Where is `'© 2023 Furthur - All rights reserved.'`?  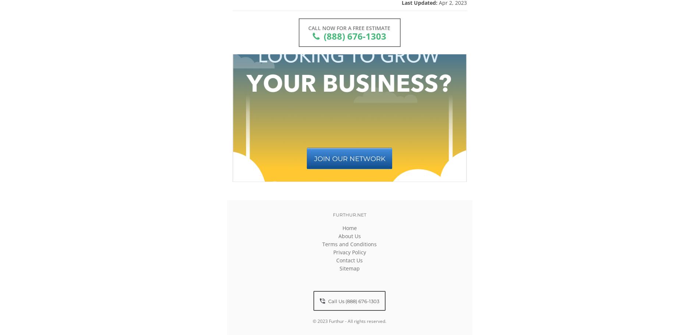
'© 2023 Furthur - All rights reserved.' is located at coordinates (349, 321).